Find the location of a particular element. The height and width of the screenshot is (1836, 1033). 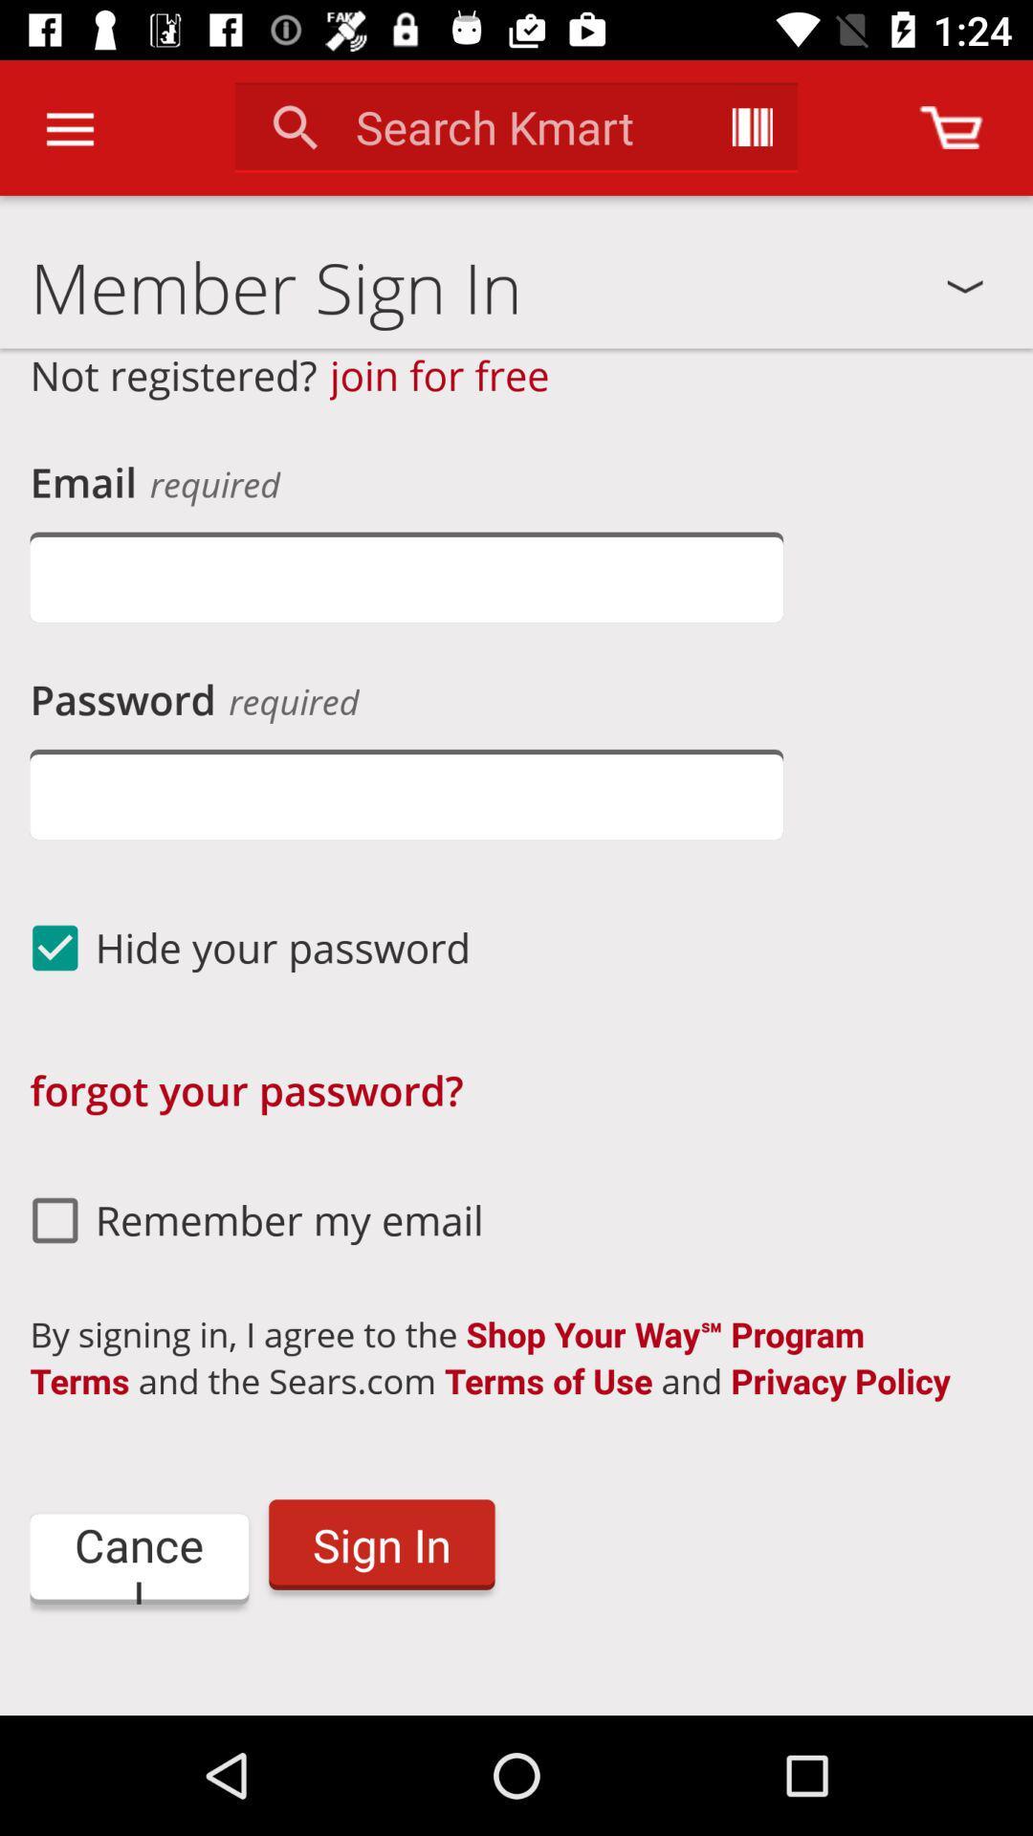

item to the left of the sign in item is located at coordinates (138, 1559).